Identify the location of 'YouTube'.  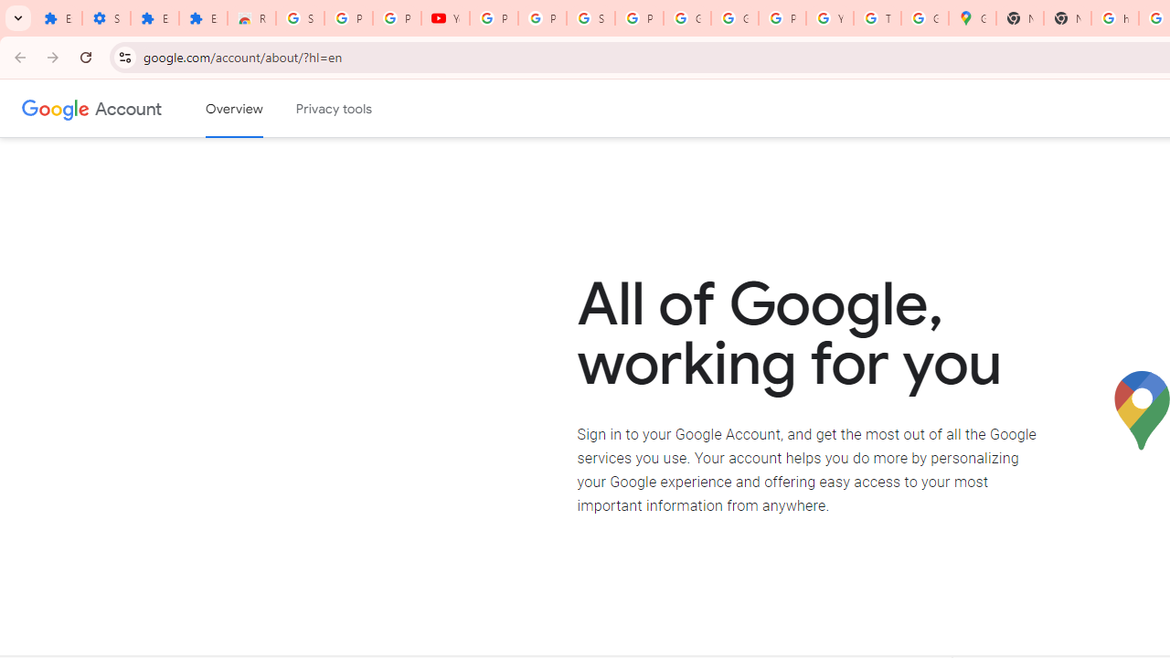
(445, 18).